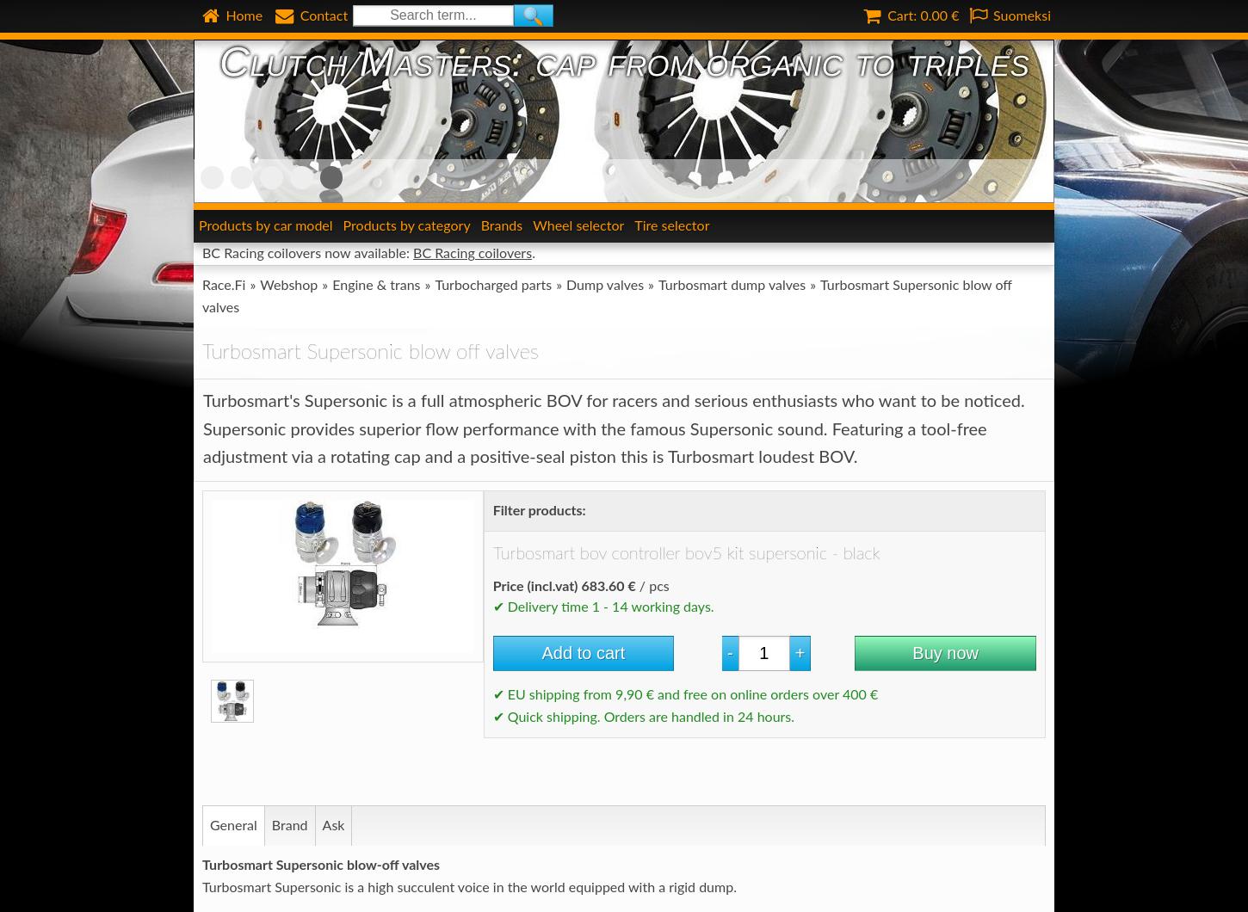 The image size is (1248, 912). Describe the element at coordinates (375, 285) in the screenshot. I see `'Engine & trans'` at that location.